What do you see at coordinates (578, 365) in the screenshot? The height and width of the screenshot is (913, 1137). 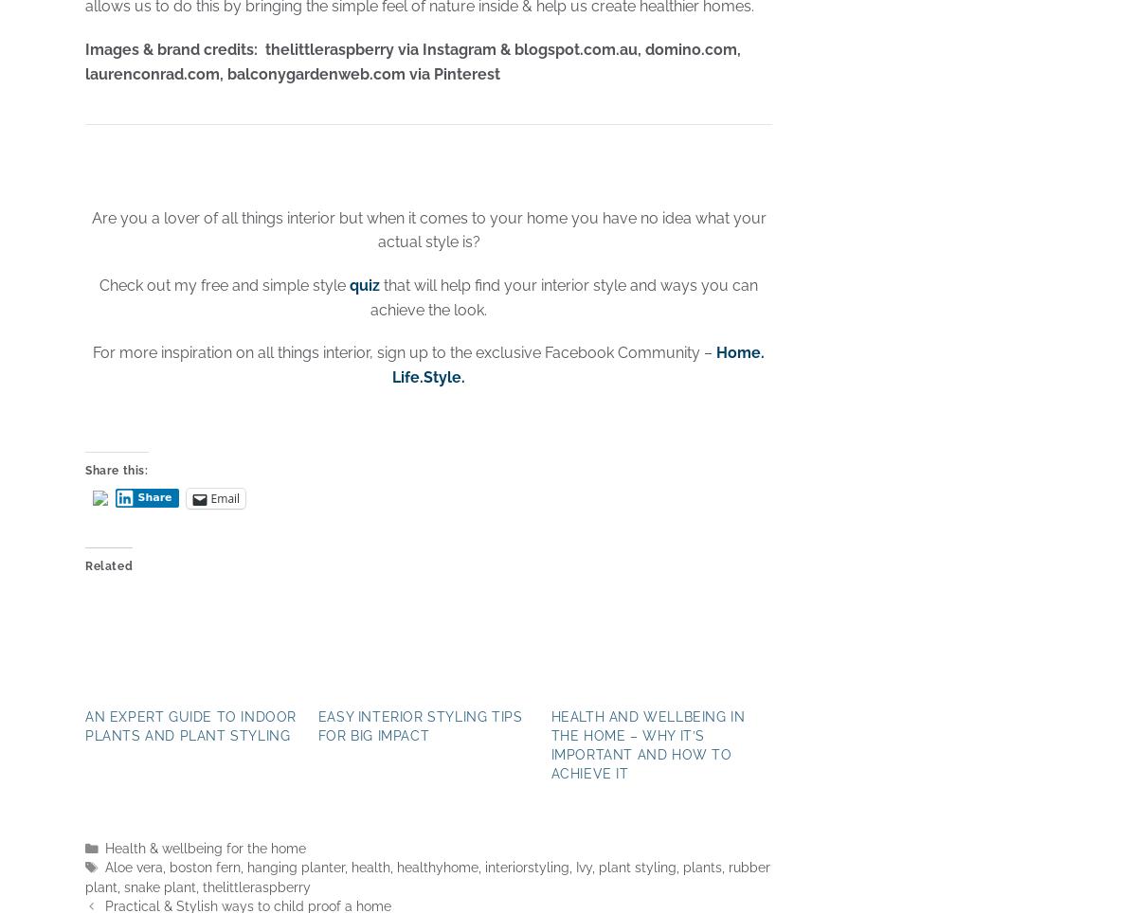 I see `'Home. Life.Style.'` at bounding box center [578, 365].